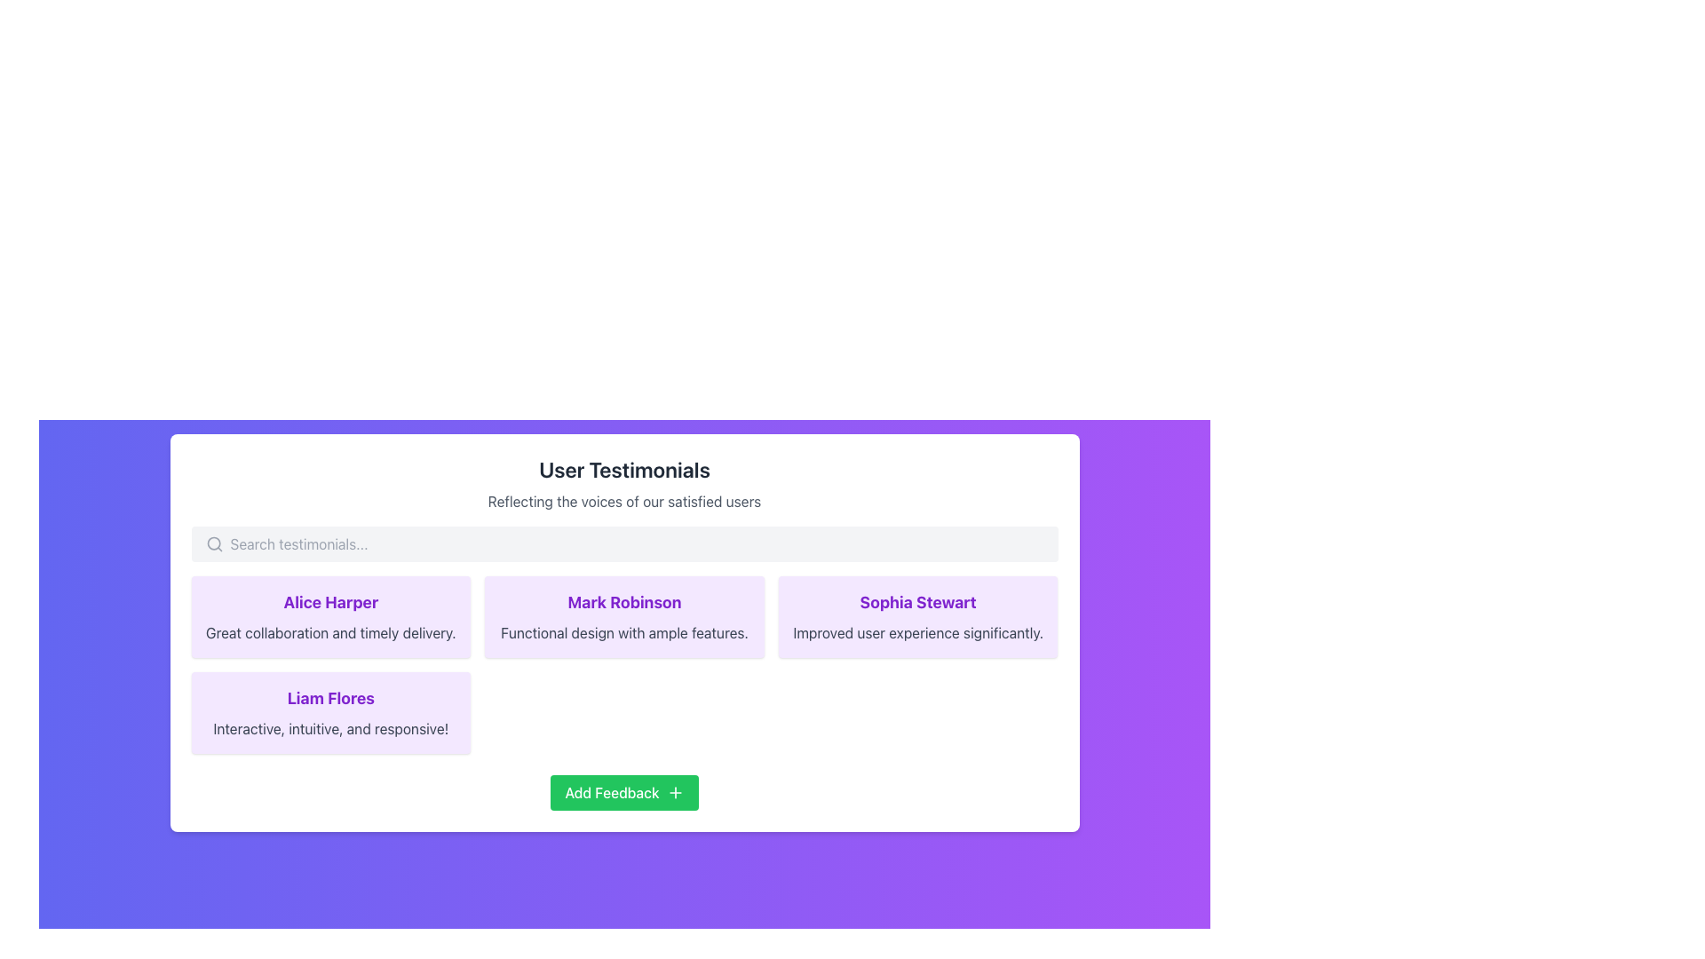 The image size is (1705, 959). Describe the element at coordinates (624, 792) in the screenshot. I see `the feedback button located at the bottom of the 'User Testimonials' section` at that location.